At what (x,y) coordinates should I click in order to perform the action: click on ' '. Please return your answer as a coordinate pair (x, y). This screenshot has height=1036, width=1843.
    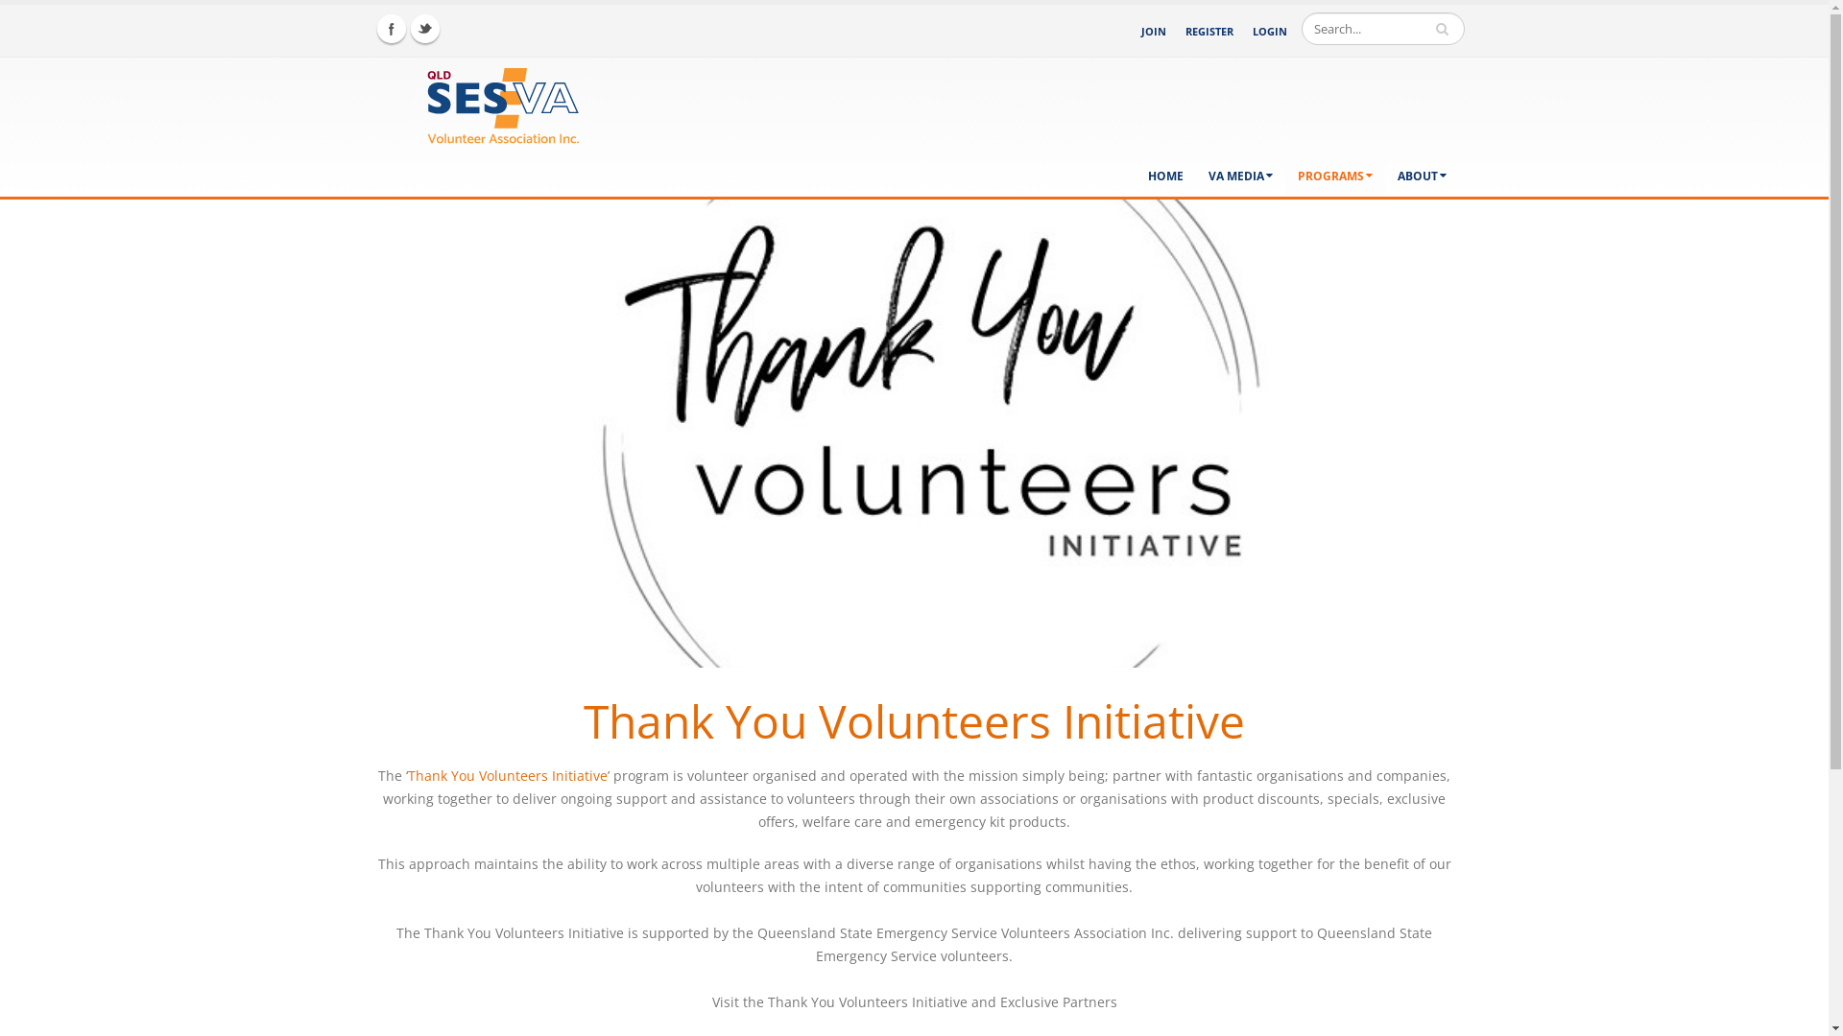
    Looking at the image, I should click on (1444, 29).